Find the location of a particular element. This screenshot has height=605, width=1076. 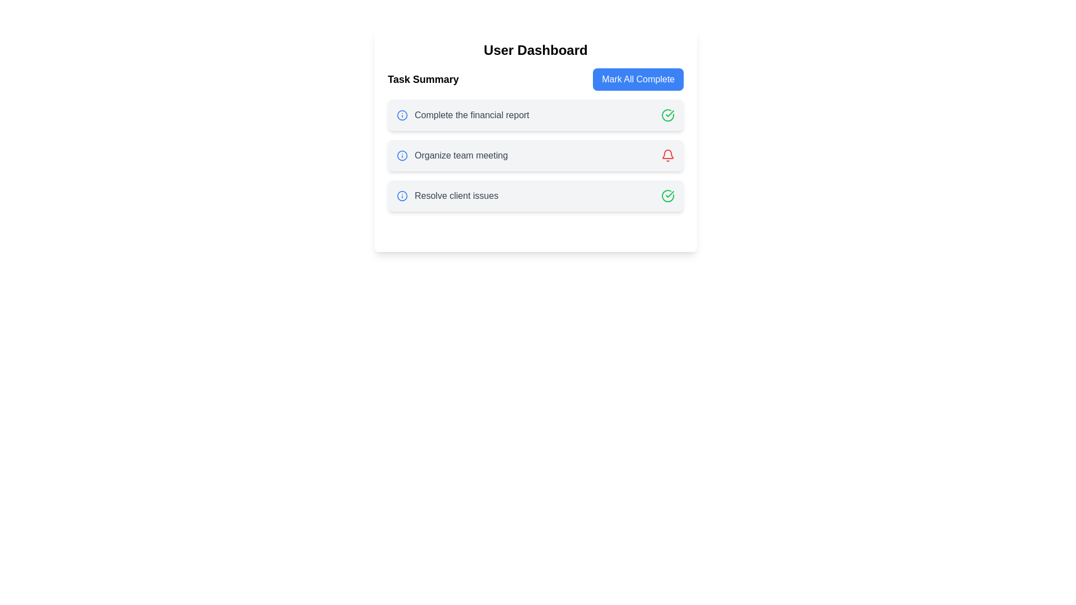

the green checkmark icon within the circular icon located on the right of the first row in the task list for the task 'Complete the financial report' is located at coordinates (670, 194).